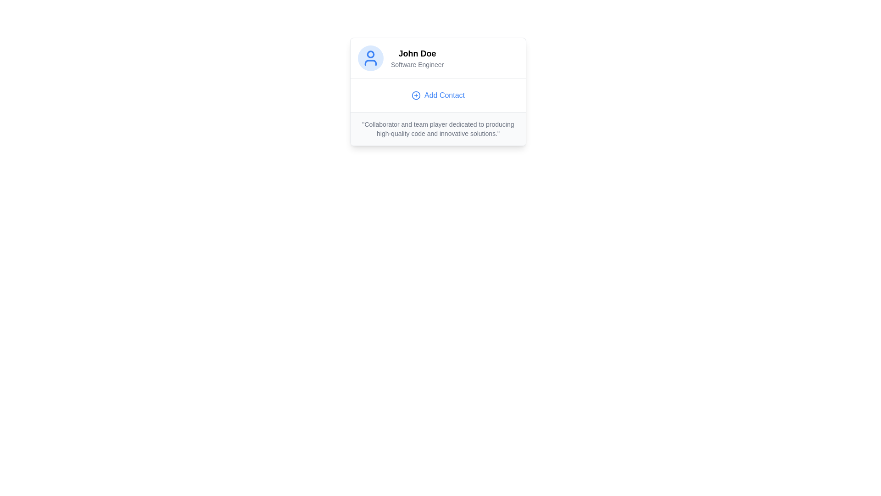 Image resolution: width=881 pixels, height=496 pixels. I want to click on the static text element that provides a descriptive note or bio for the individual, located centrally below the 'John Doe' title and 'Add Contact' button in a light gray box at the bottom of the profile card, so click(438, 129).